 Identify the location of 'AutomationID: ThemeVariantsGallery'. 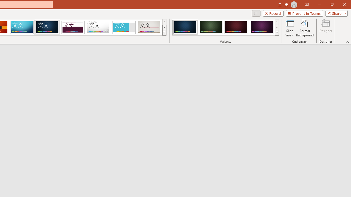
(226, 27).